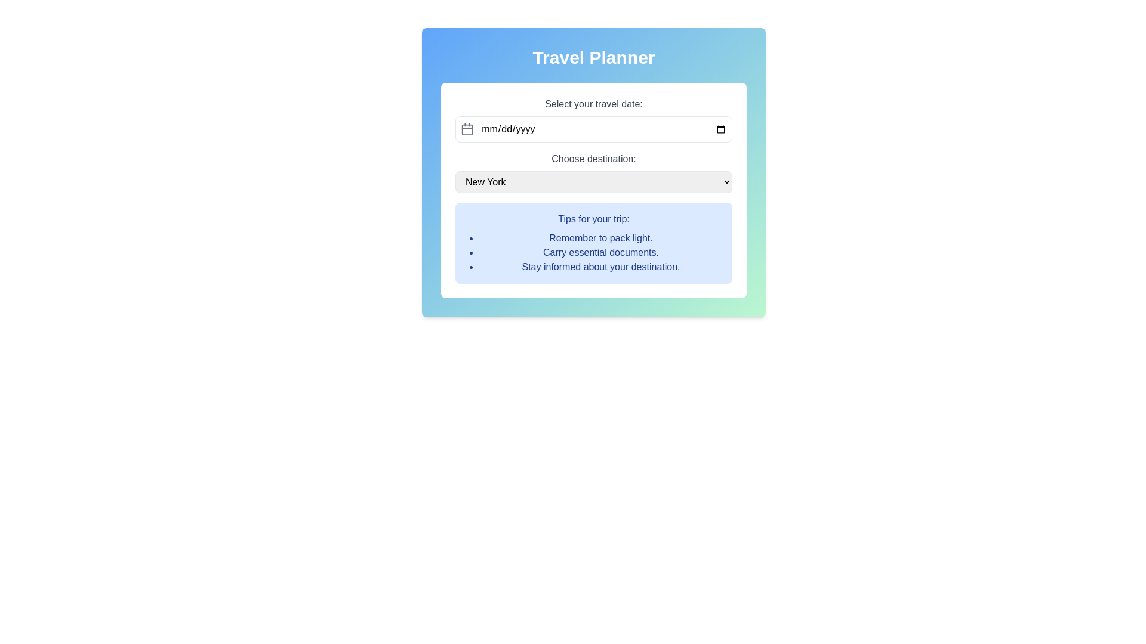 This screenshot has height=644, width=1146. I want to click on the date input field located in the 'Select your travel date' section, so click(604, 129).